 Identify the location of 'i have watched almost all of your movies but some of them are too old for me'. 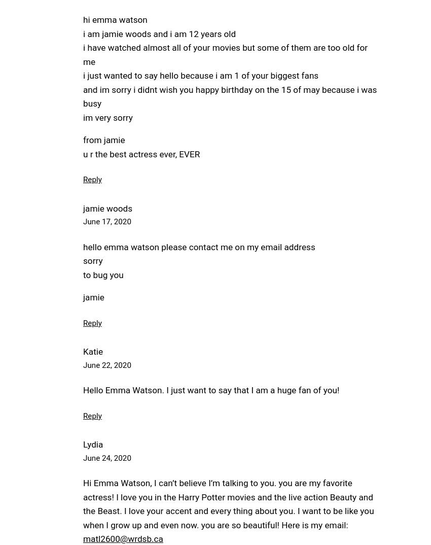
(225, 54).